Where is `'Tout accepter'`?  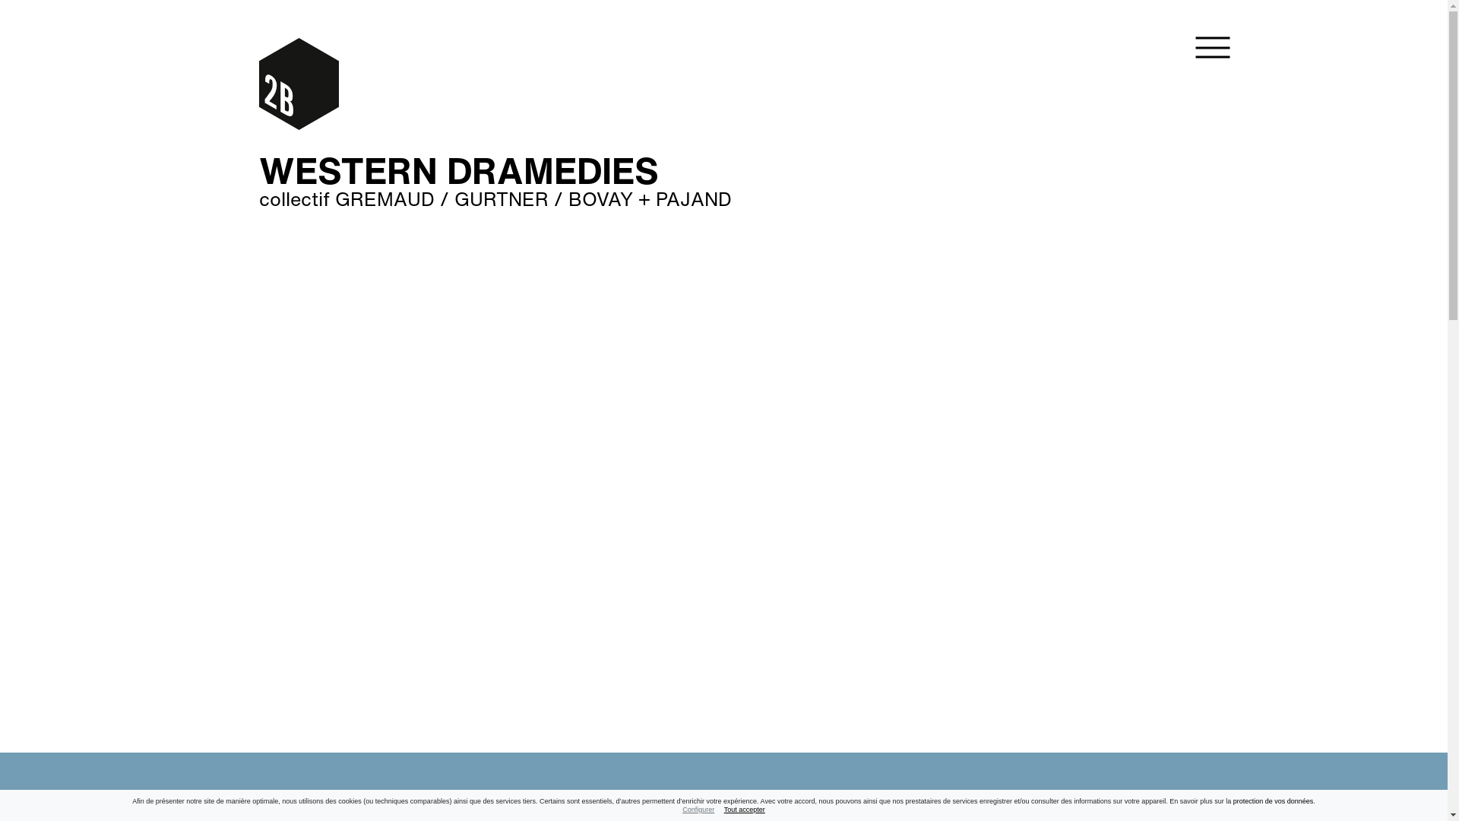
'Tout accepter' is located at coordinates (744, 808).